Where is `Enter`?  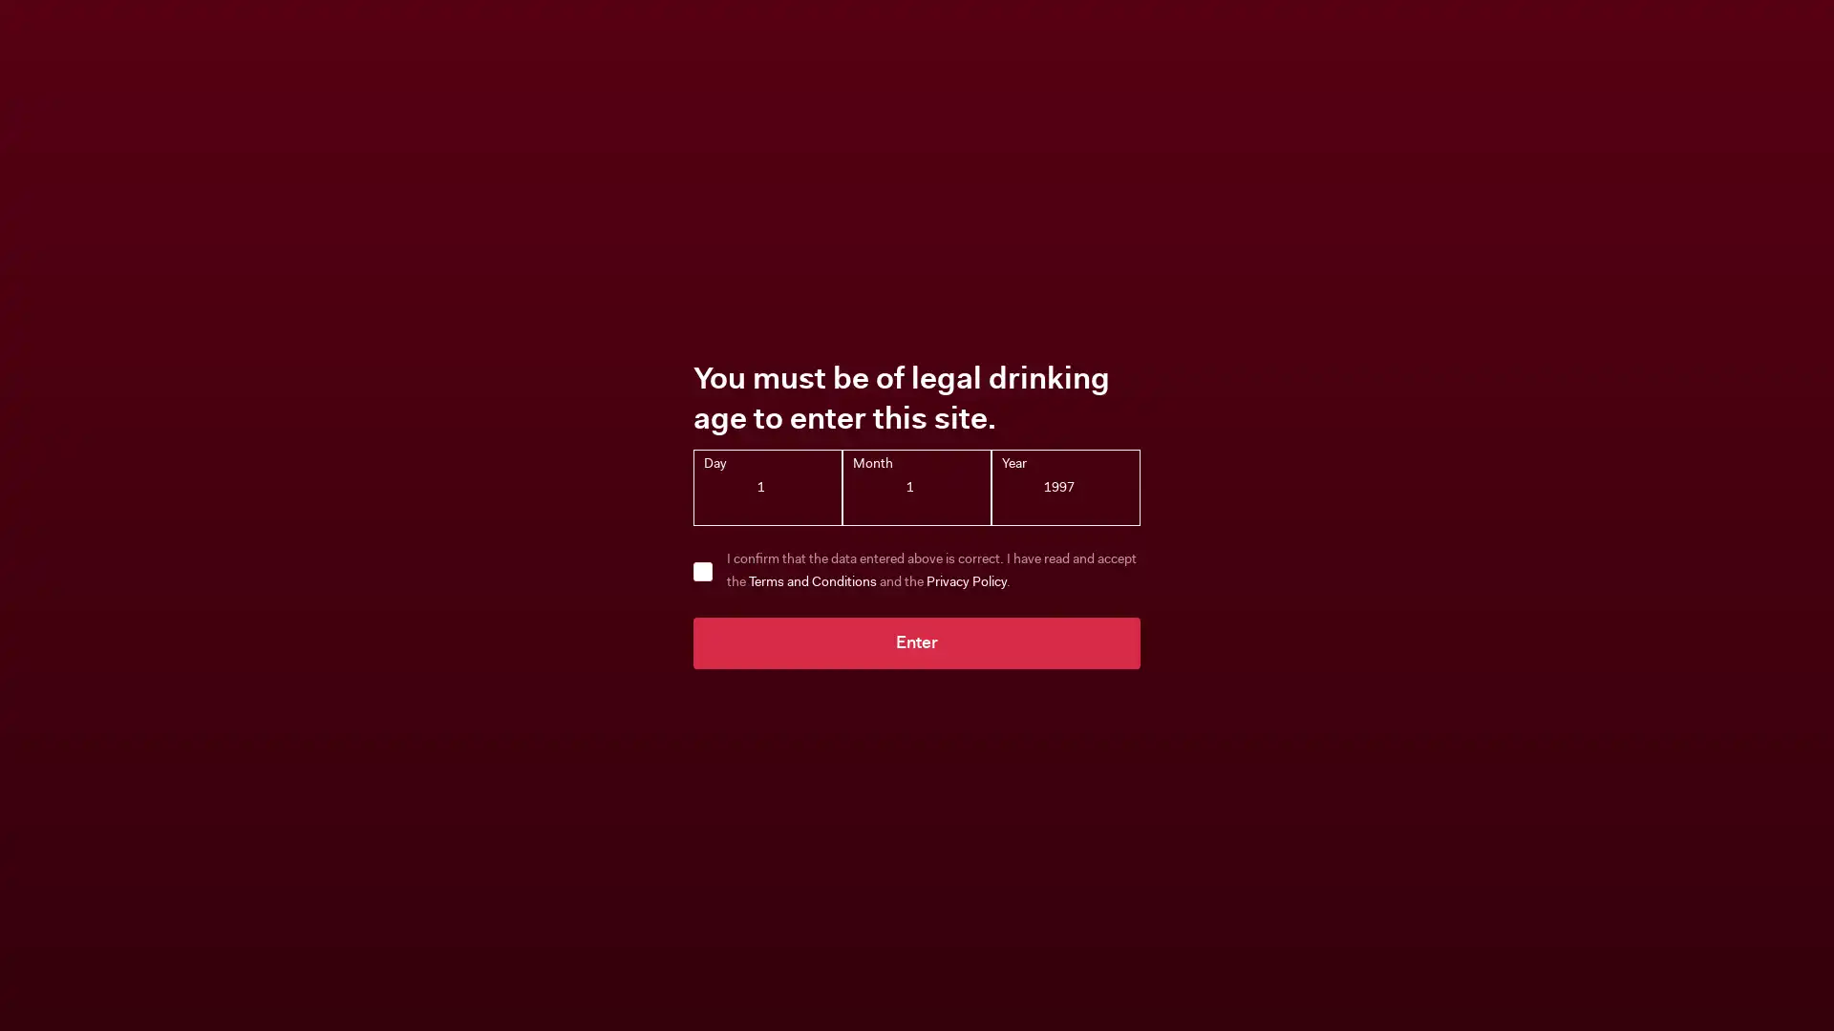
Enter is located at coordinates (917, 642).